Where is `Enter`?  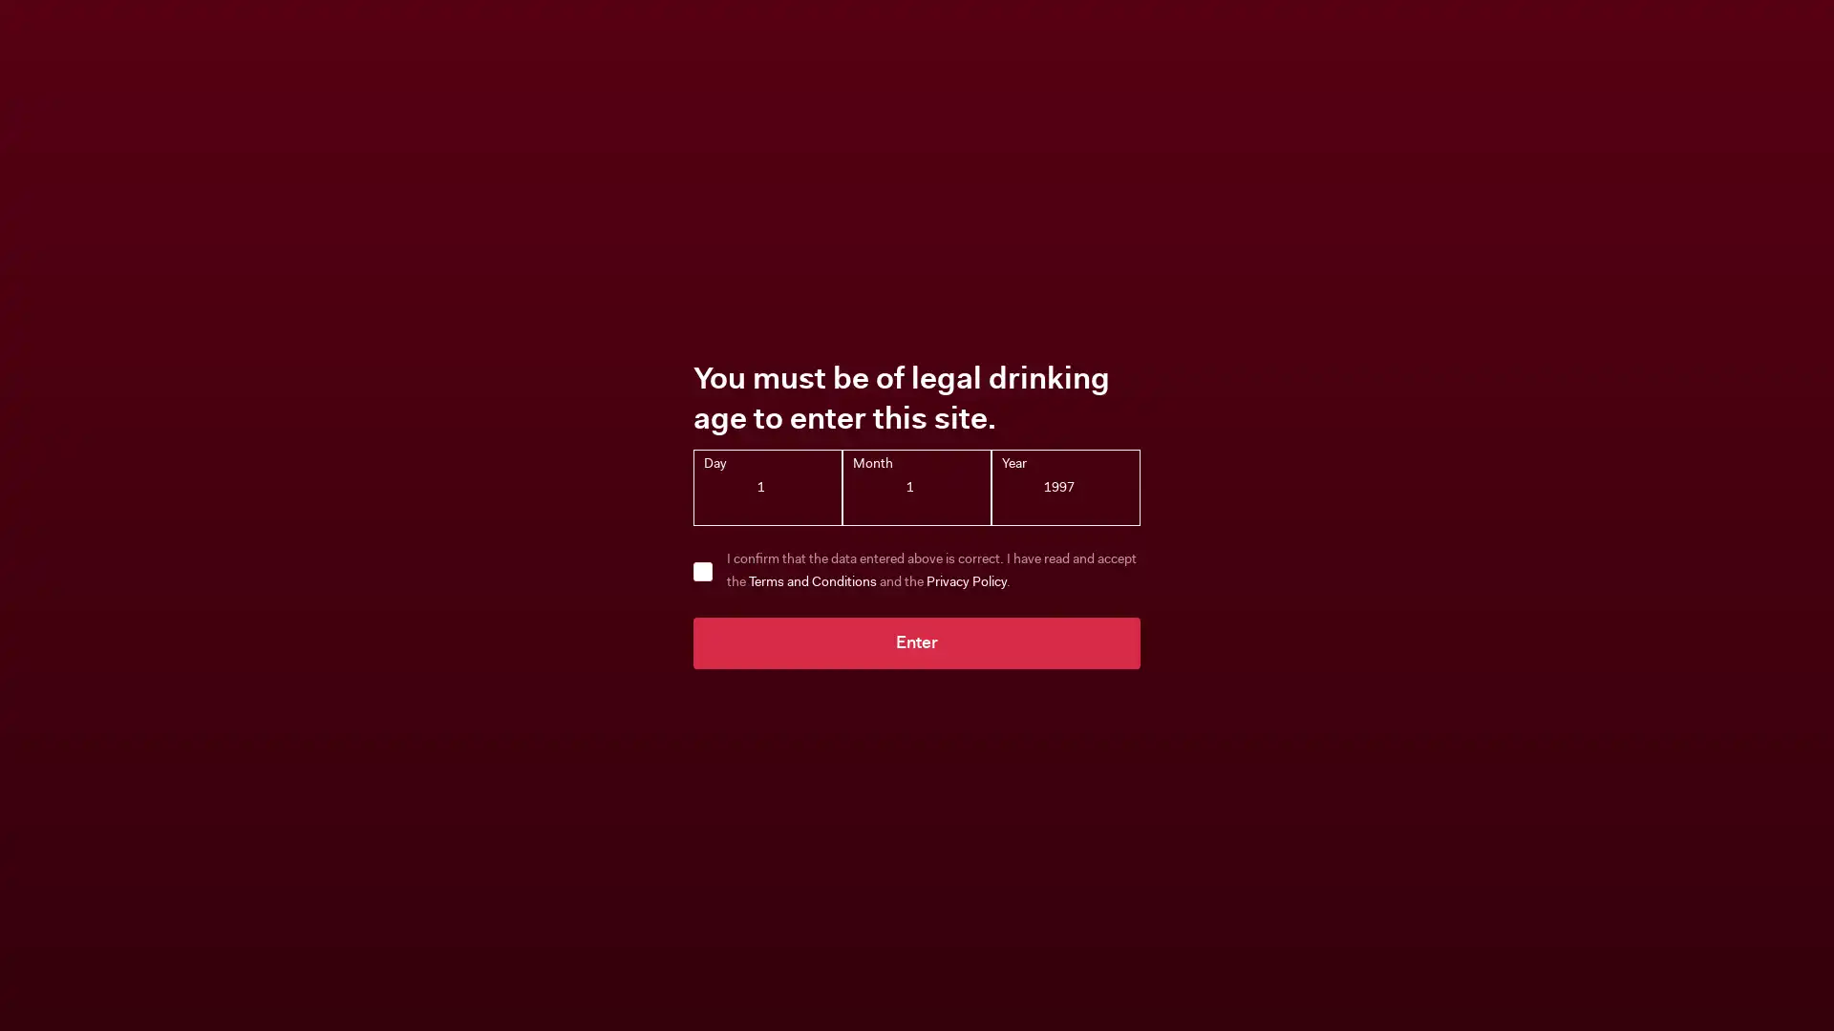
Enter is located at coordinates (917, 642).